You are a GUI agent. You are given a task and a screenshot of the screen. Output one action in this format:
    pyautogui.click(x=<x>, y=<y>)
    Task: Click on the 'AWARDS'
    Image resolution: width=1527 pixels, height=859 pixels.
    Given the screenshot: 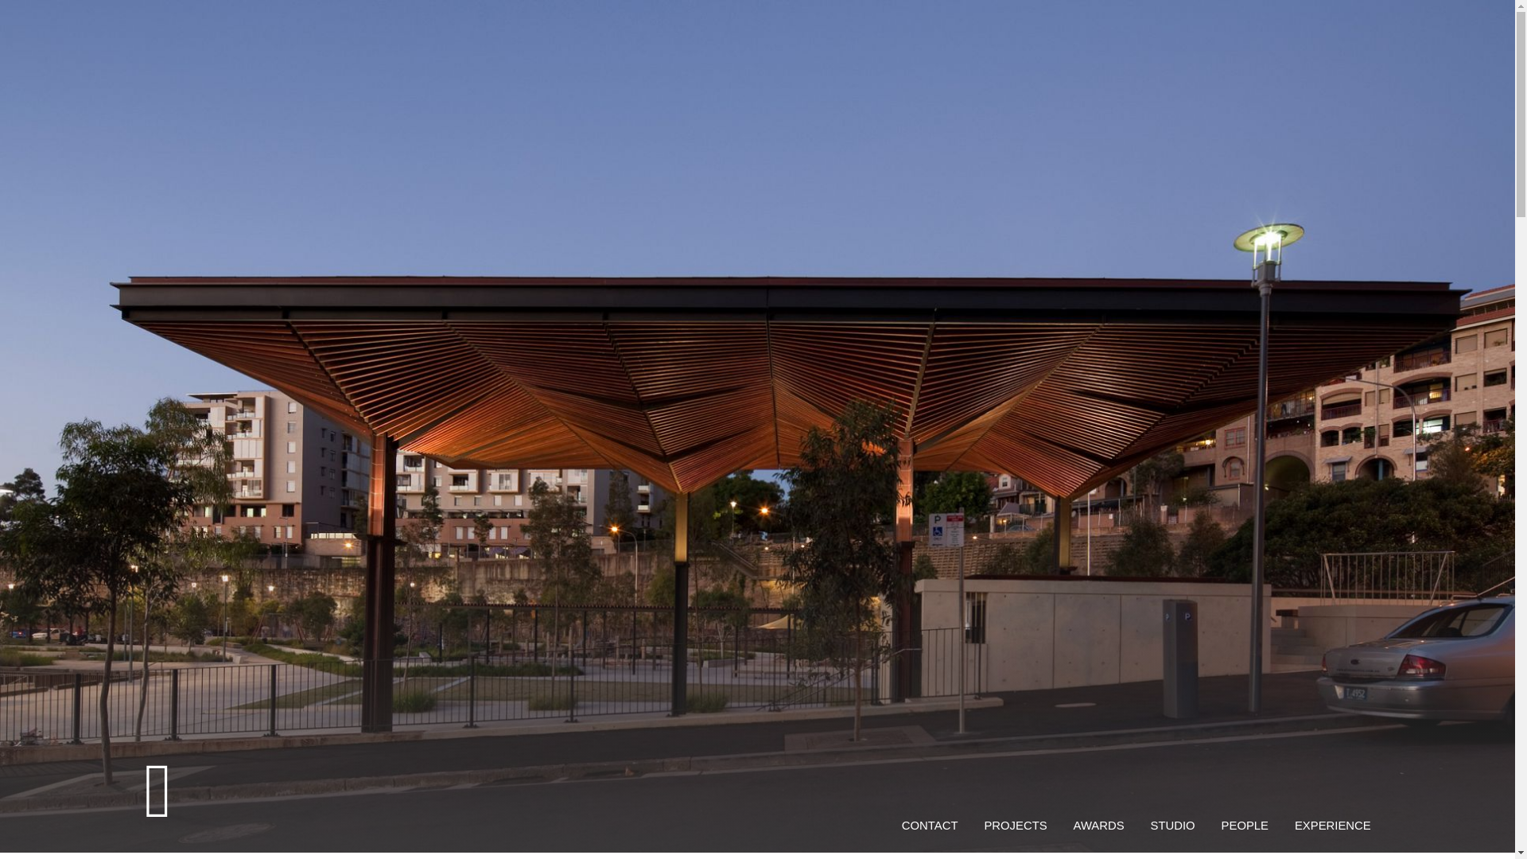 What is the action you would take?
    pyautogui.click(x=1098, y=824)
    